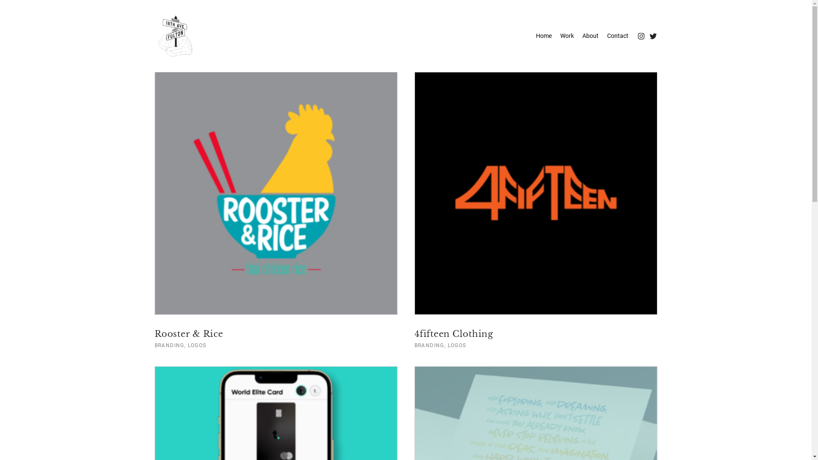 This screenshot has width=818, height=460. Describe the element at coordinates (154, 333) in the screenshot. I see `'Rooster & Rice'` at that location.